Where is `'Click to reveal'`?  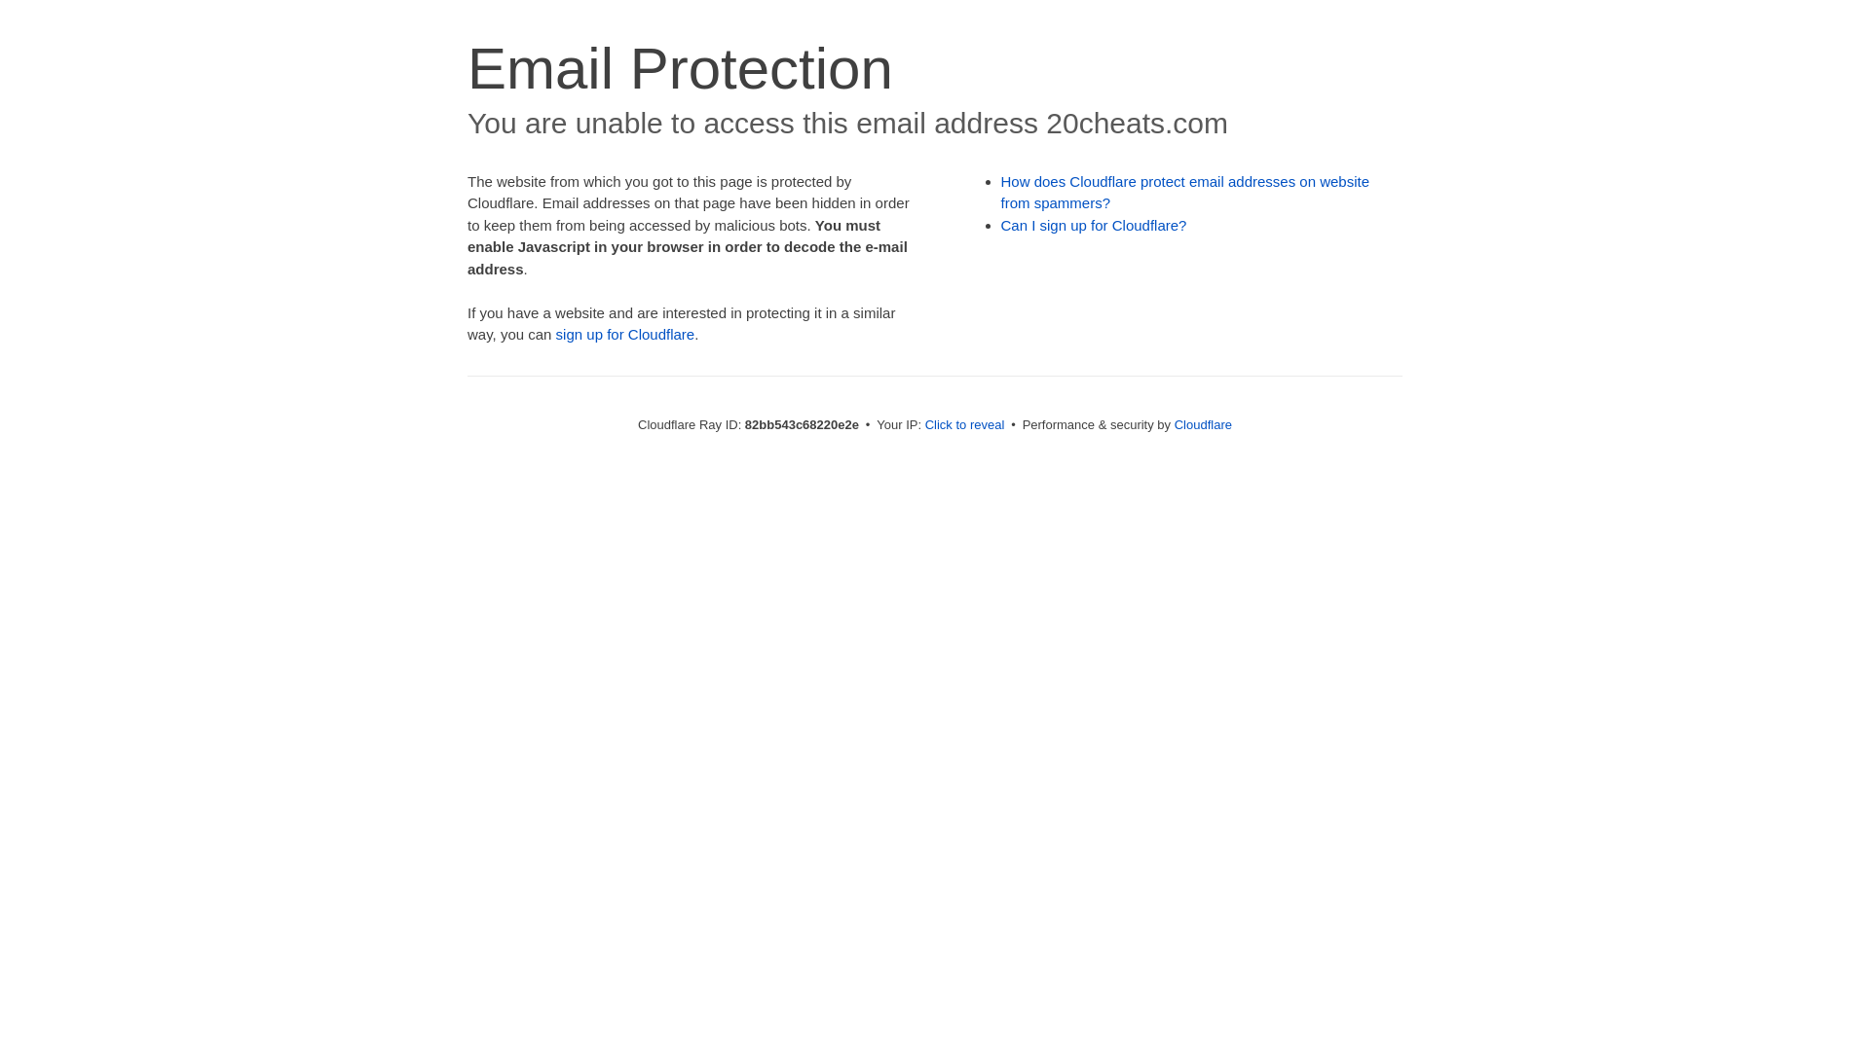
'Click to reveal' is located at coordinates (964, 423).